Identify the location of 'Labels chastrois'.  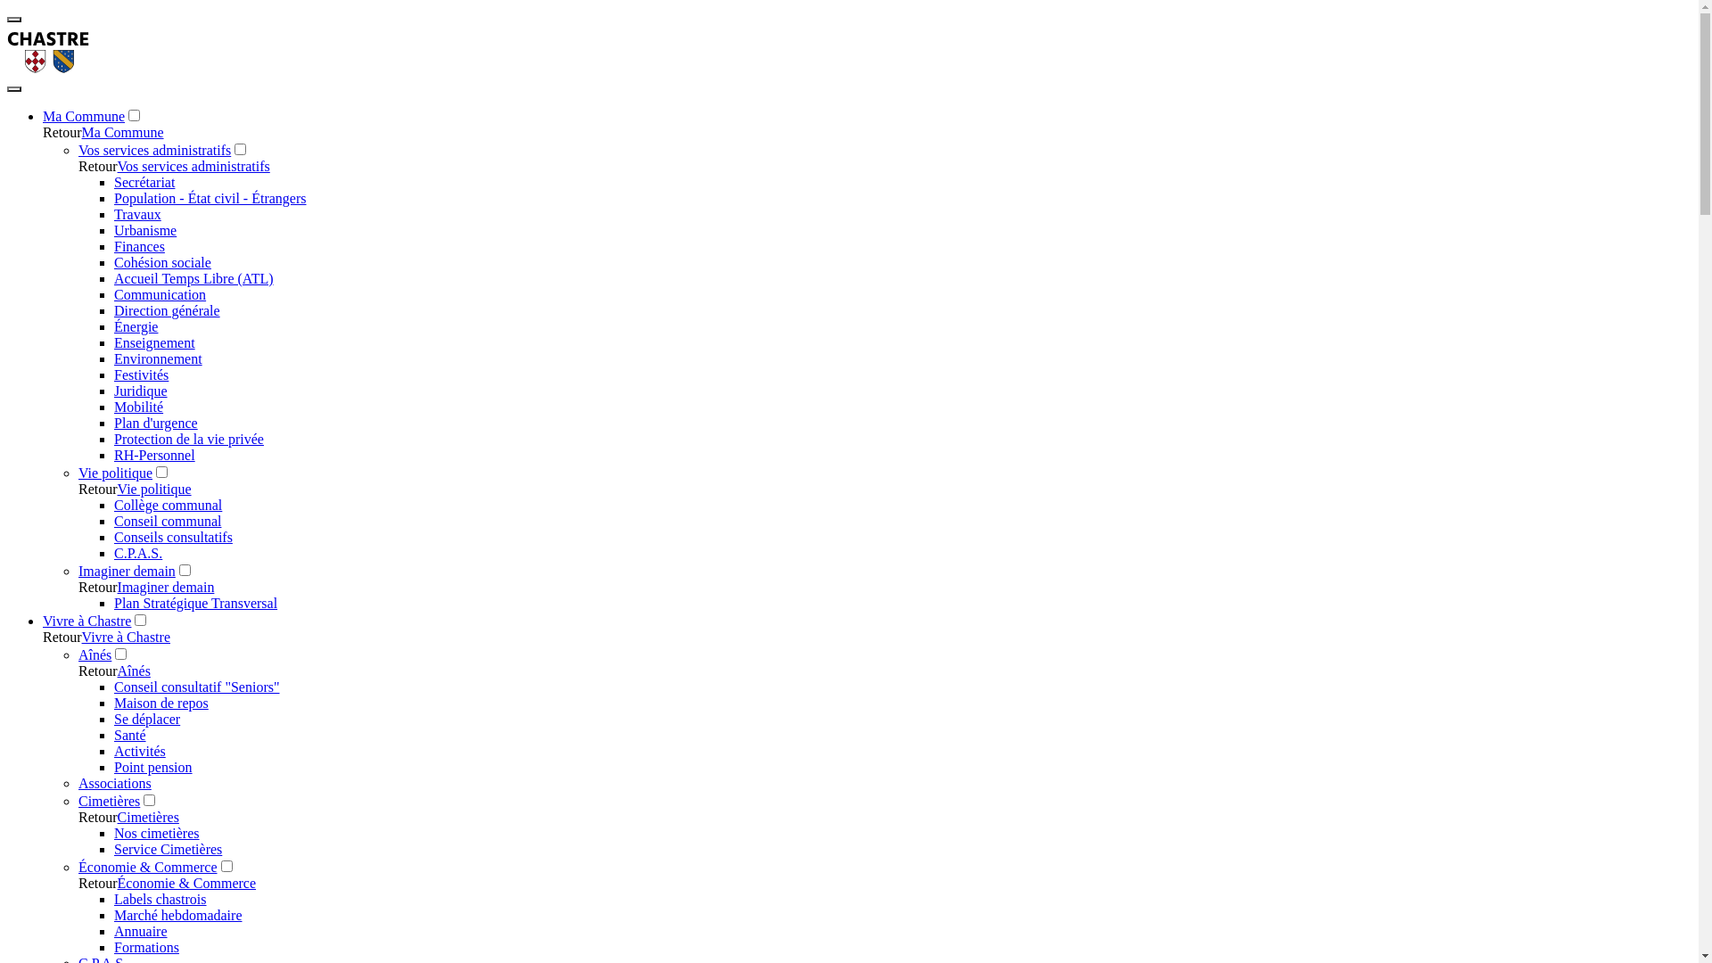
(160, 899).